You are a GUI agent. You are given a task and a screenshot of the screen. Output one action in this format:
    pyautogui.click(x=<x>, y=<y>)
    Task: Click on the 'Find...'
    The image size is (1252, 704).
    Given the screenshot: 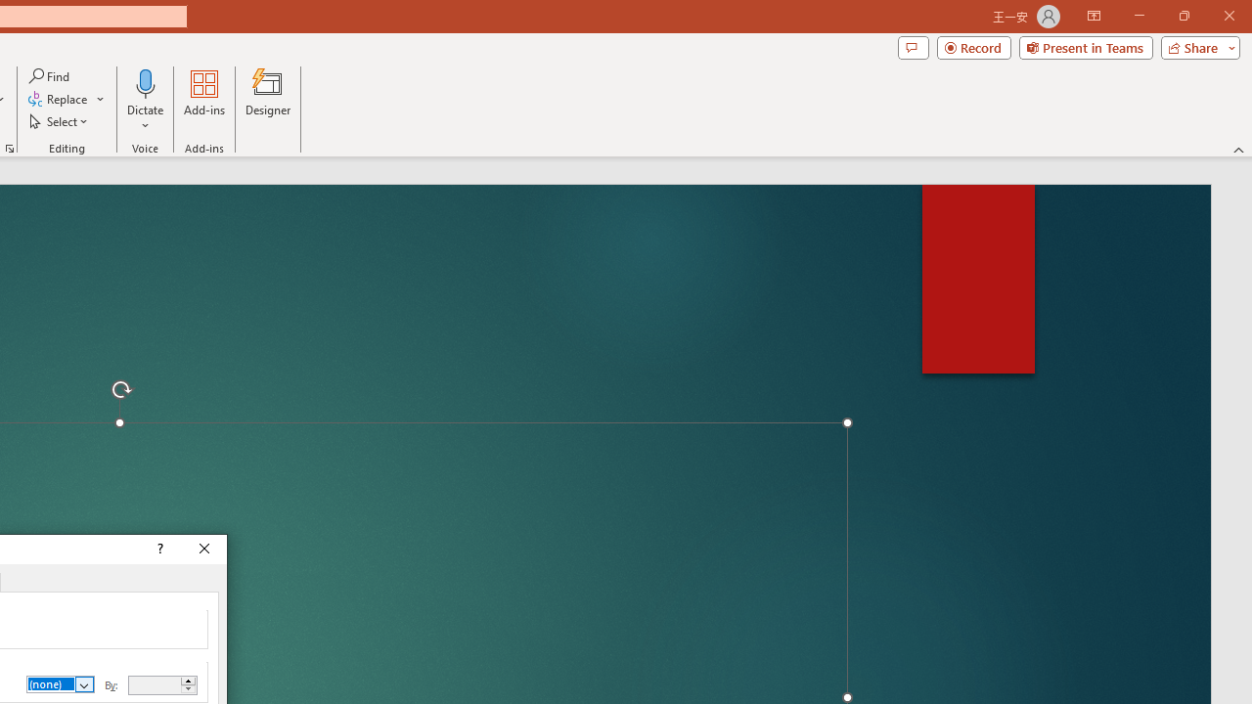 What is the action you would take?
    pyautogui.click(x=50, y=75)
    